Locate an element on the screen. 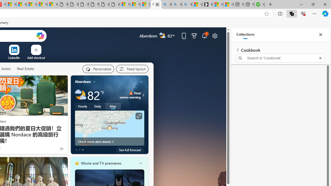 Image resolution: width=331 pixels, height=186 pixels. 'Partly cloudy' is located at coordinates (80, 95).